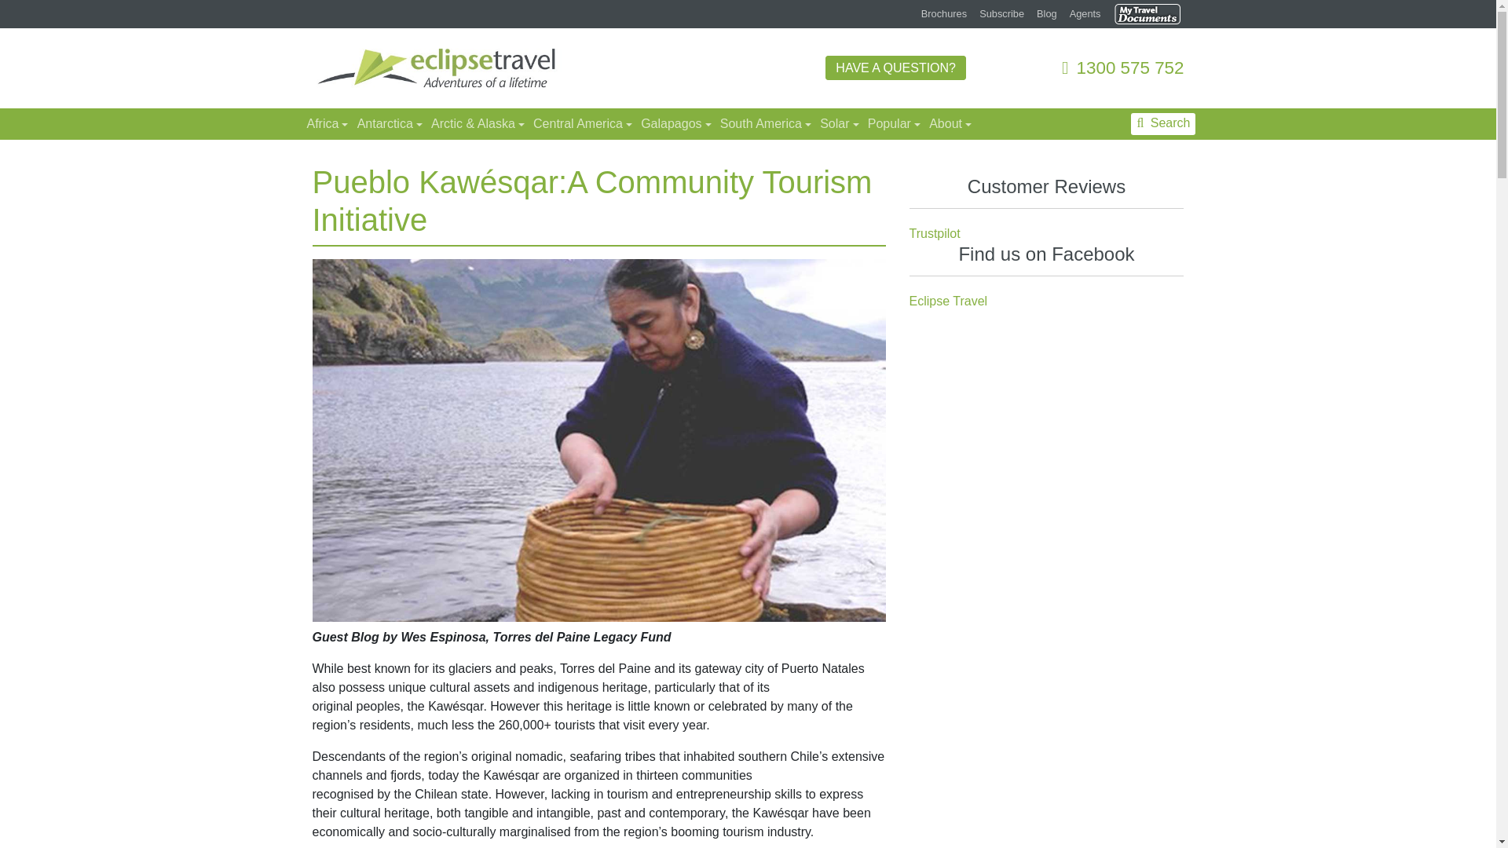  I want to click on 'Search', so click(1163, 123).